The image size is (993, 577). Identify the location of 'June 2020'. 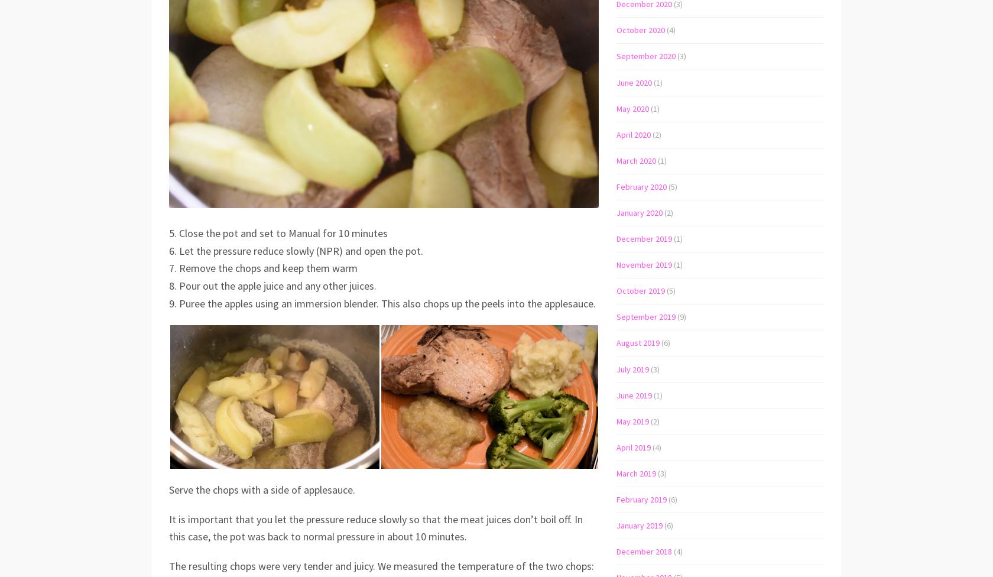
(634, 81).